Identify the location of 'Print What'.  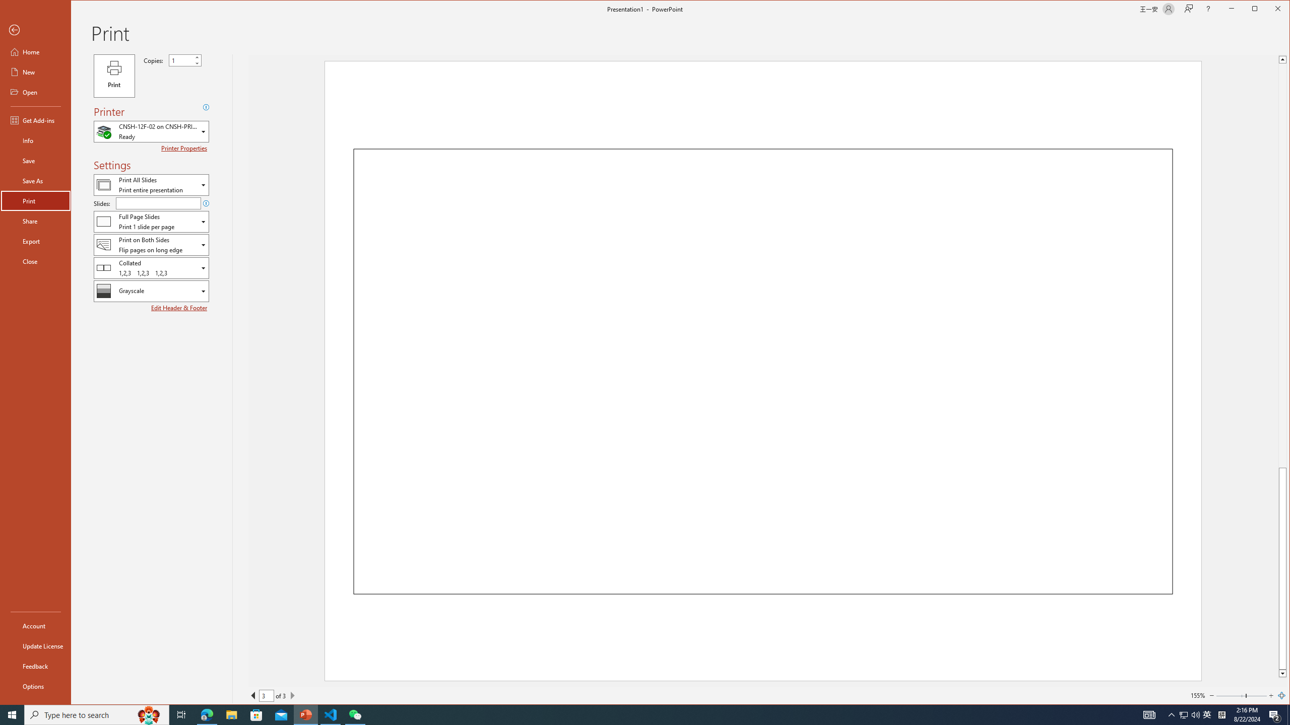
(151, 185).